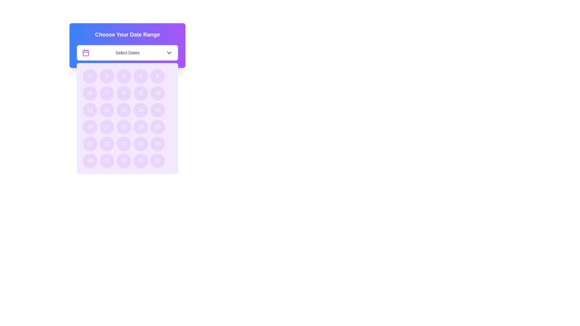 The width and height of the screenshot is (580, 326). I want to click on the circular button with a purple background and the number '8' in white font located in the second row and third column of the grid layout, so click(123, 93).